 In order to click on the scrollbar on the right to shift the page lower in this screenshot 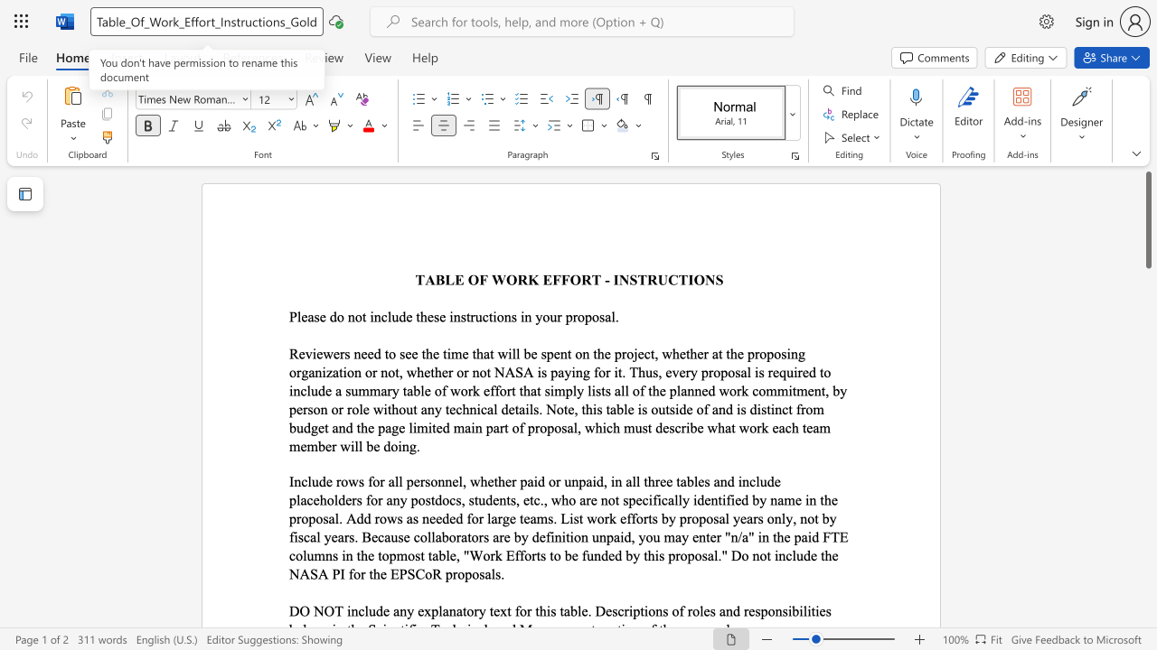, I will do `click(1147, 531)`.